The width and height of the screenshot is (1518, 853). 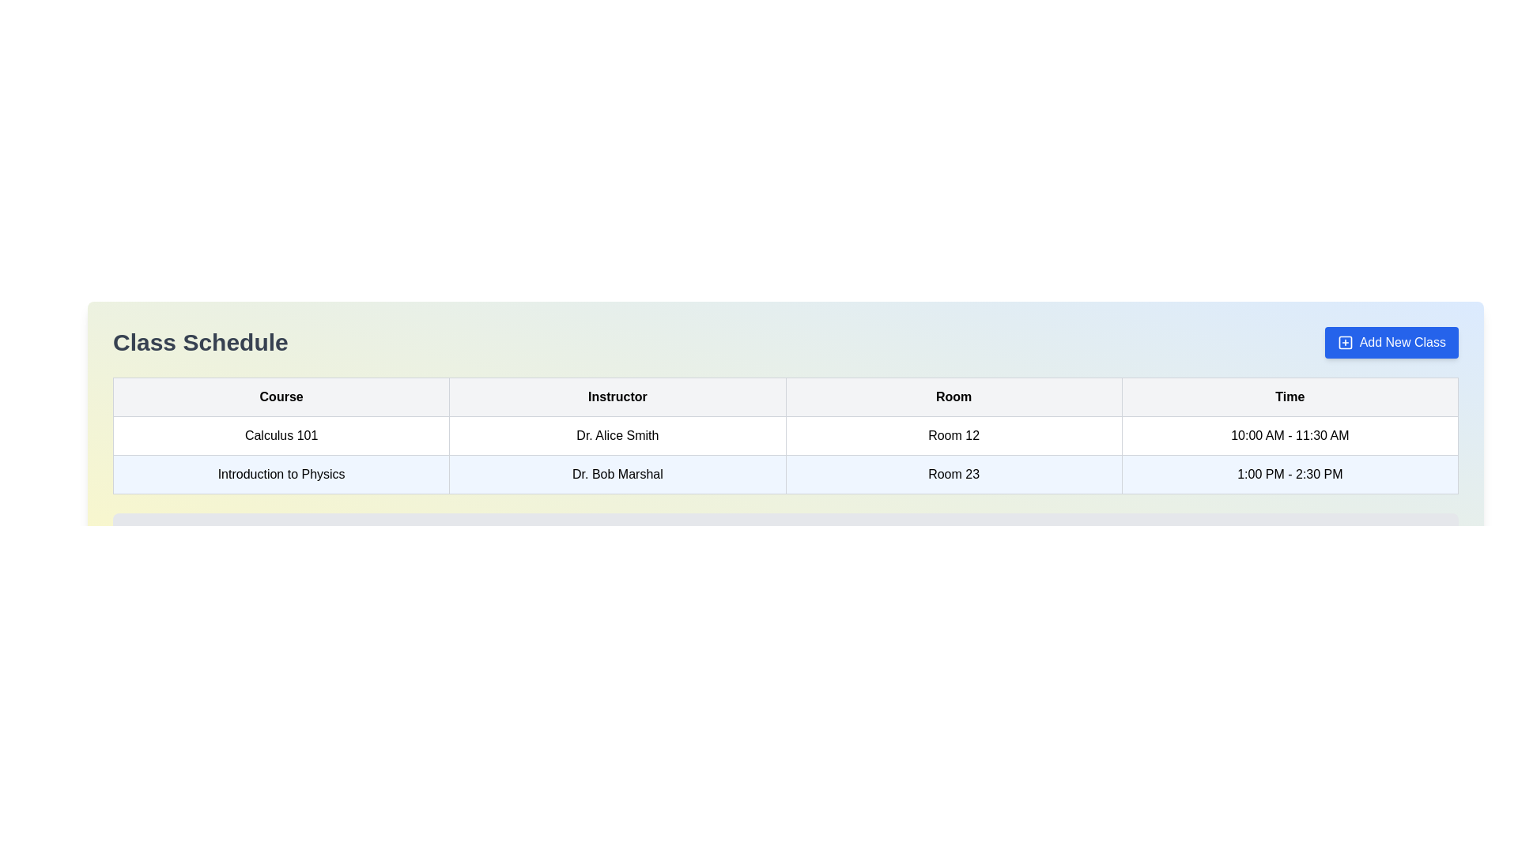 I want to click on the blue 'Add New Class' button located at the top-right corner of the 'Class Schedule' header bar, so click(x=1391, y=342).